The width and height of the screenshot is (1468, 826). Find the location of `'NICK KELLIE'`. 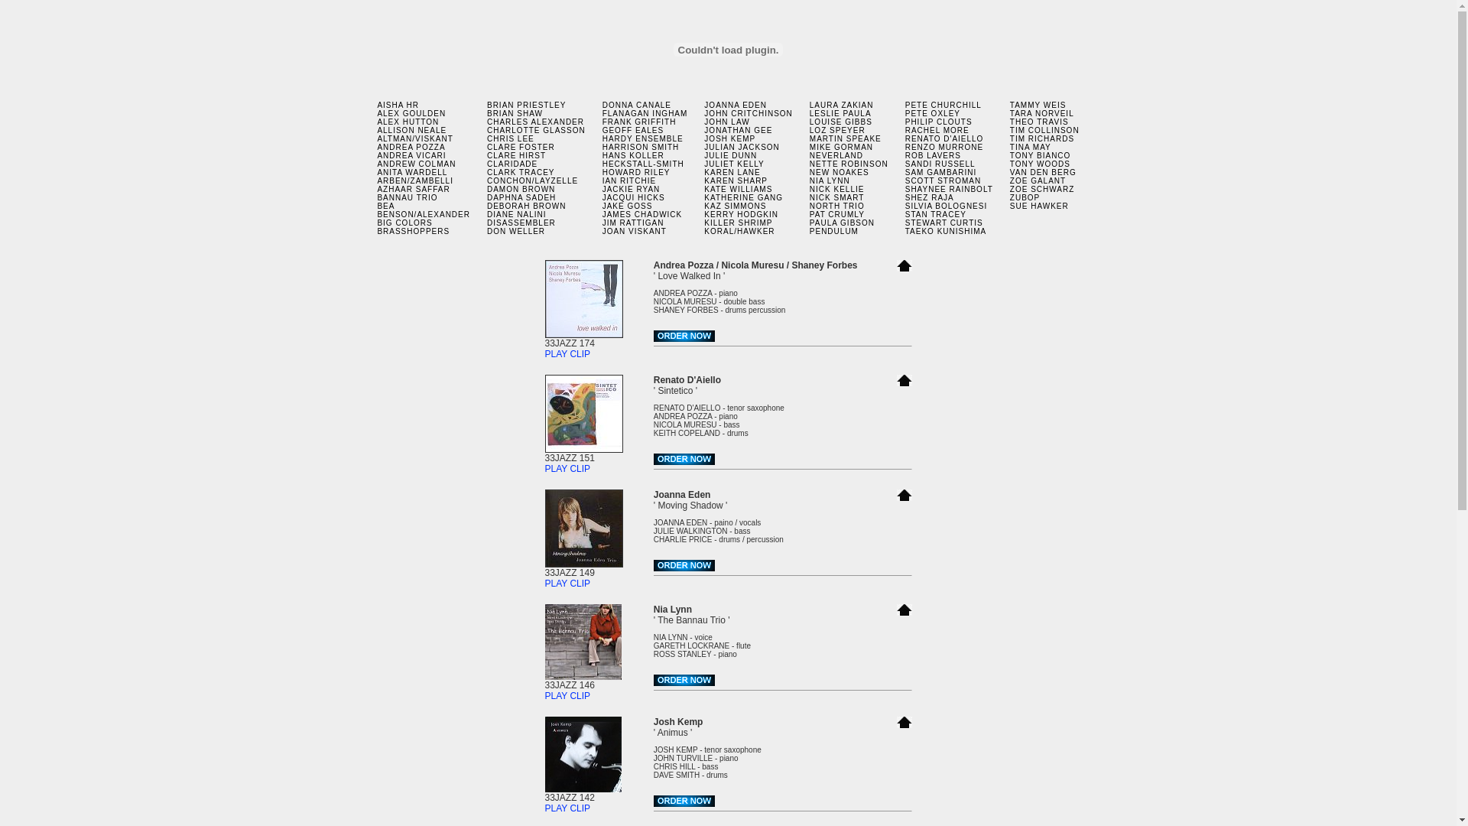

'NICK KELLIE' is located at coordinates (836, 188).